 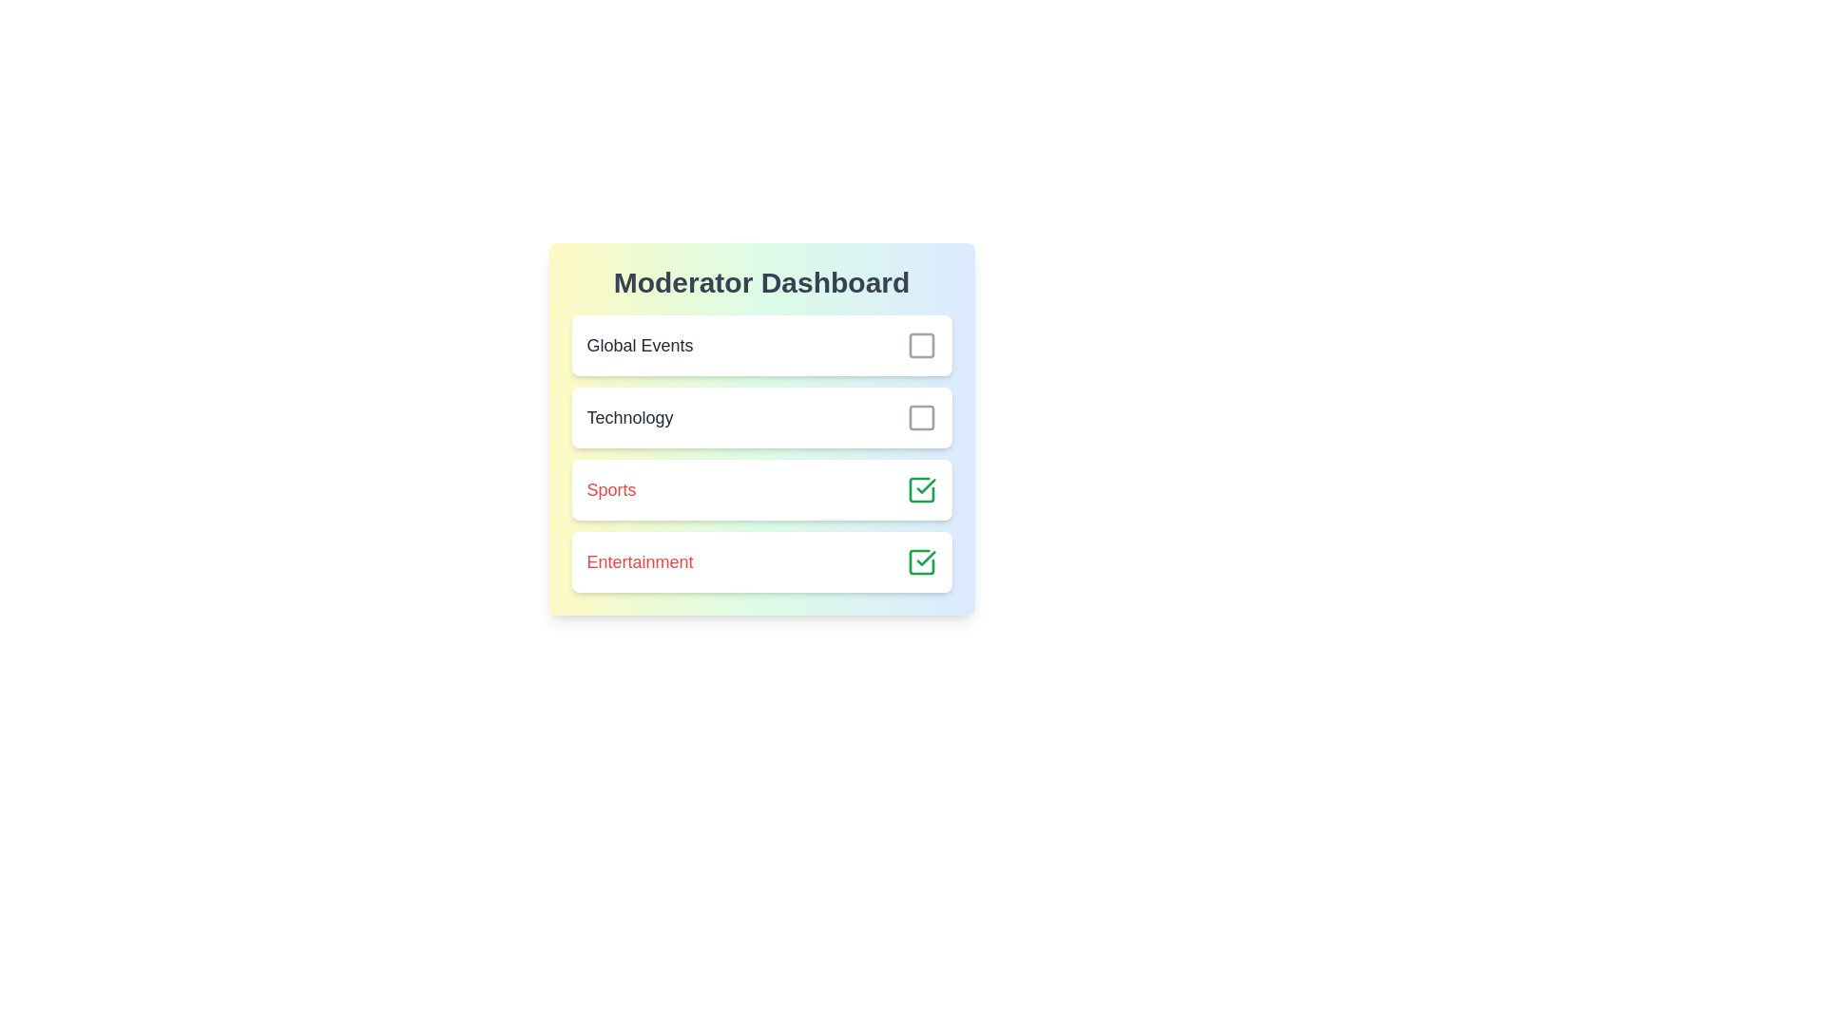 What do you see at coordinates (761, 282) in the screenshot?
I see `the title to read its content` at bounding box center [761, 282].